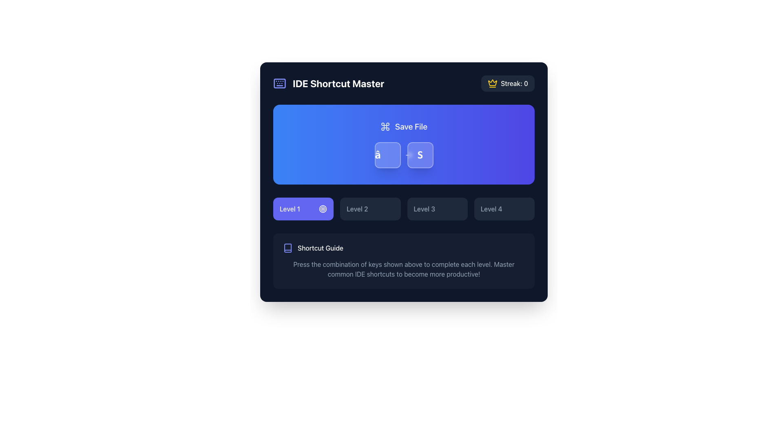  I want to click on the save action element, which is represented by a combination of an icon and a text label, positioned above the 'â' and 'S' buttons in a blue gradient block, so click(404, 127).